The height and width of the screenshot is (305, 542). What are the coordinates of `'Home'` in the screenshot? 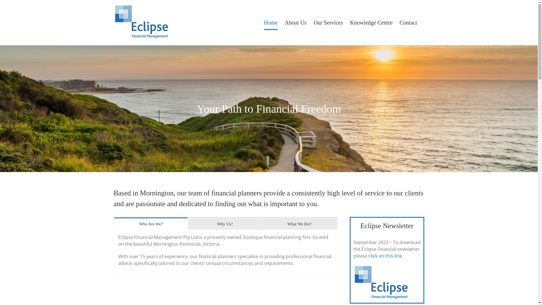 It's located at (264, 22).